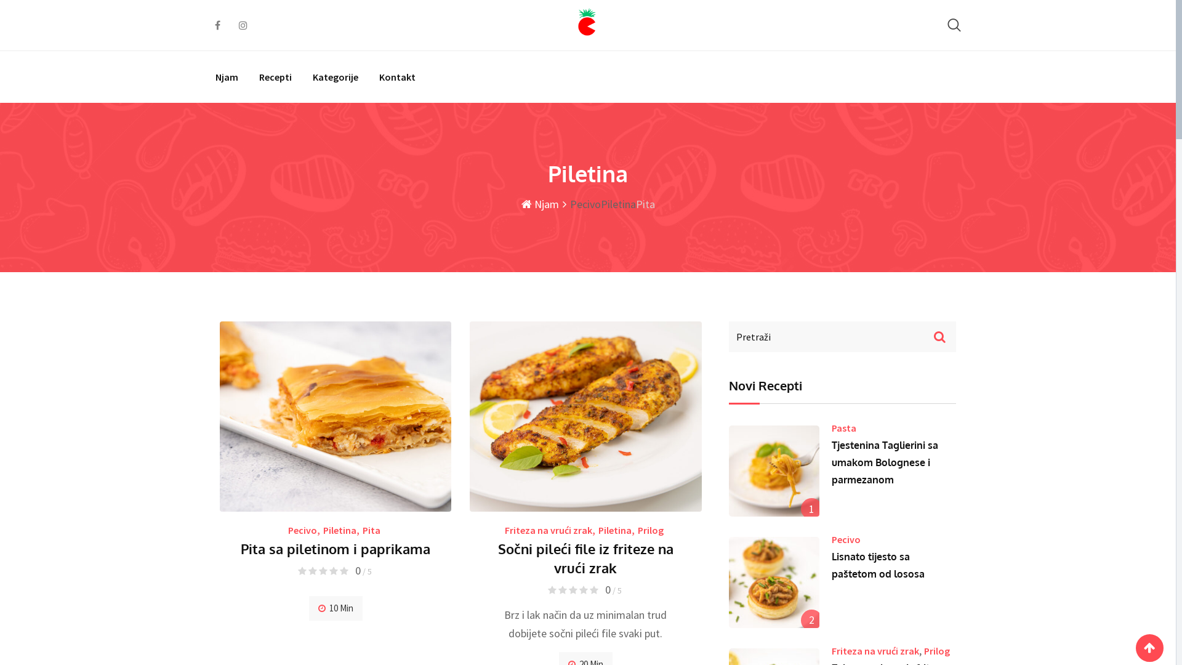 The image size is (1182, 665). What do you see at coordinates (649, 529) in the screenshot?
I see `'Prilog'` at bounding box center [649, 529].